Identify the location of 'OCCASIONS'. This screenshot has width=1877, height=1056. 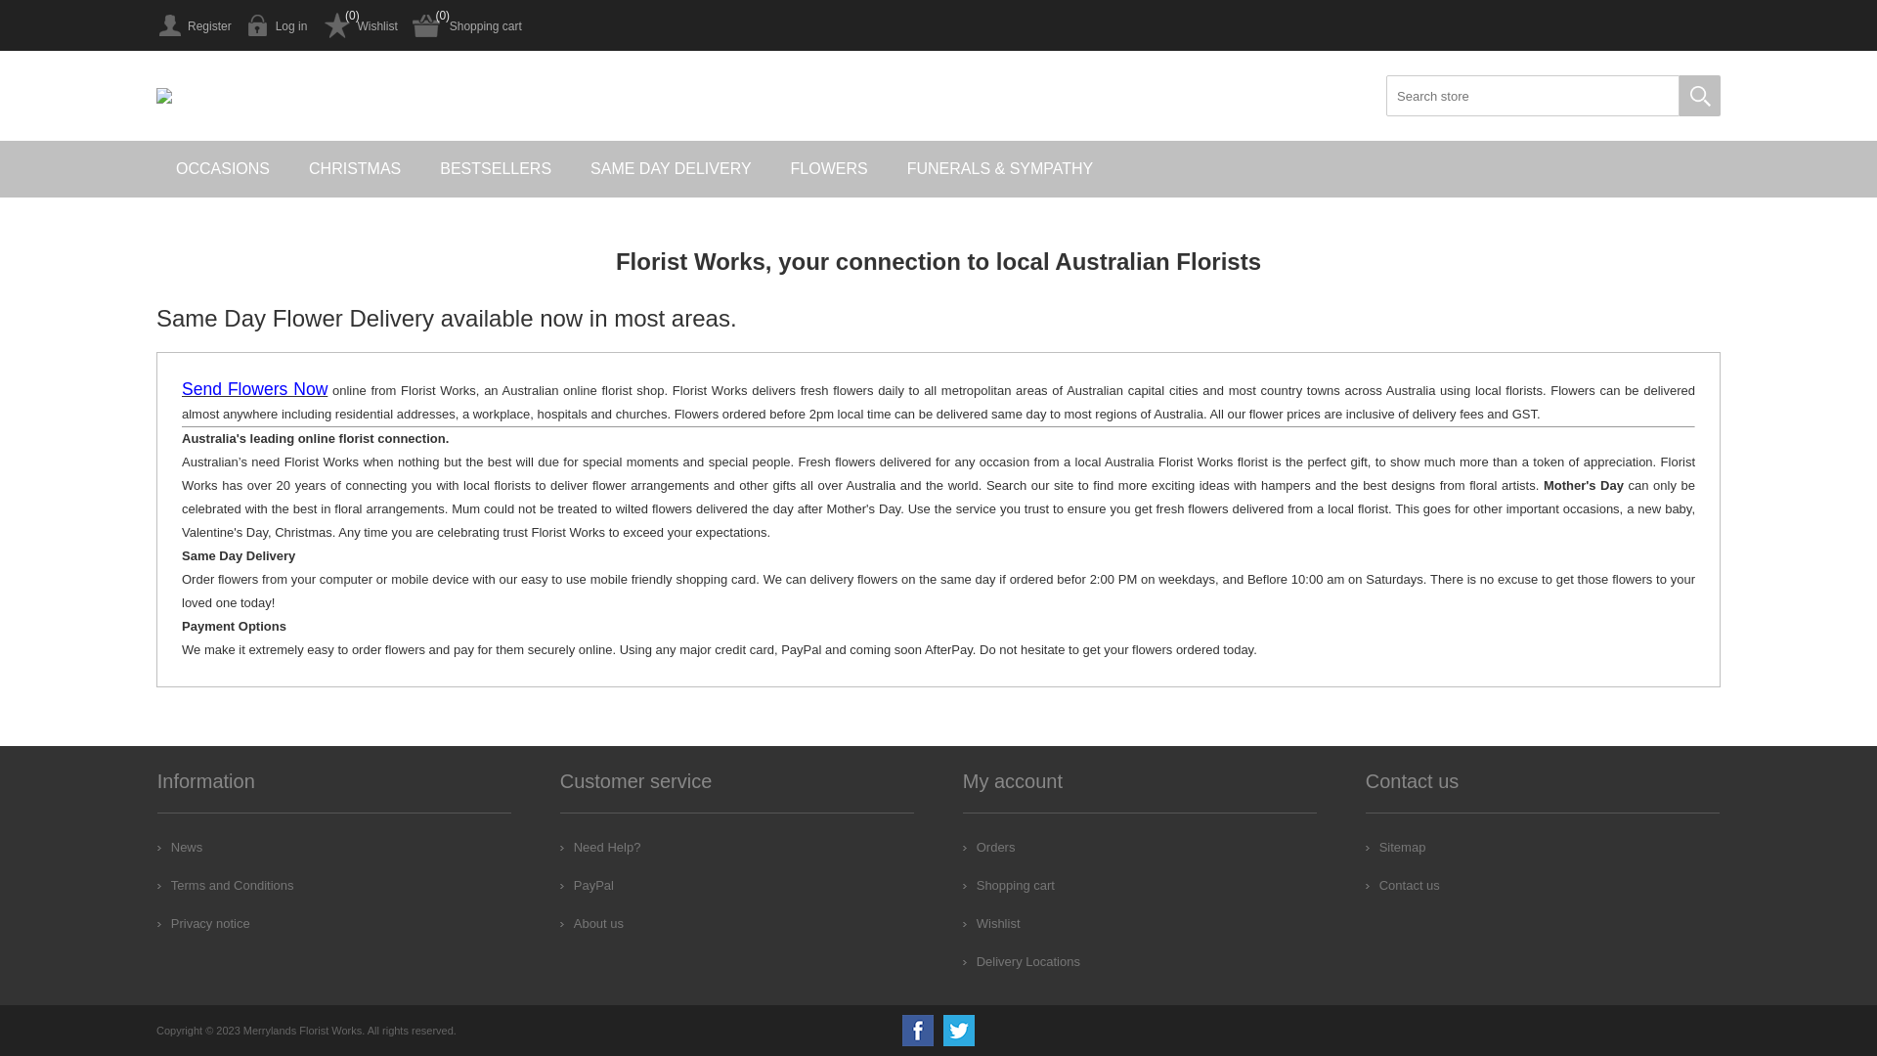
(222, 168).